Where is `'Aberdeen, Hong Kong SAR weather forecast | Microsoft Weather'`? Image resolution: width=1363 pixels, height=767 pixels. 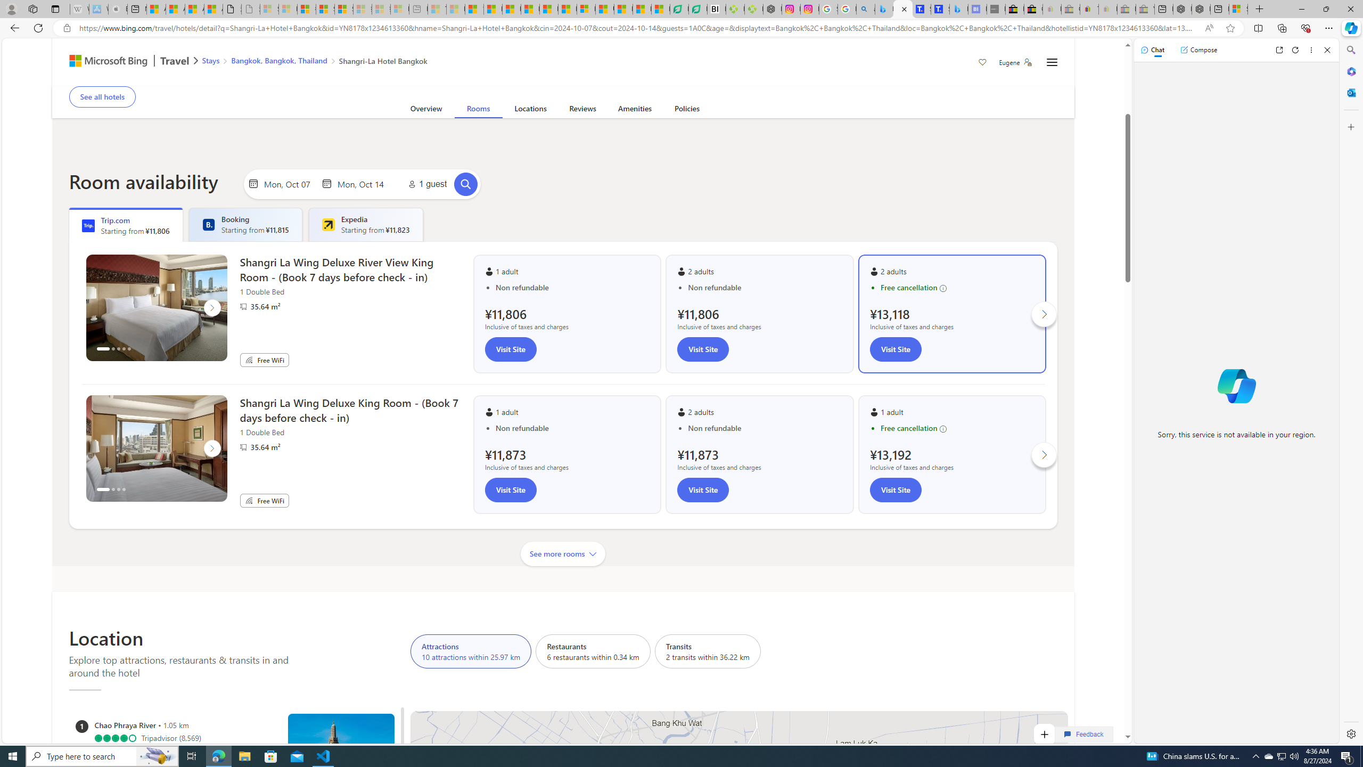
'Aberdeen, Hong Kong SAR weather forecast | Microsoft Weather' is located at coordinates (174, 9).